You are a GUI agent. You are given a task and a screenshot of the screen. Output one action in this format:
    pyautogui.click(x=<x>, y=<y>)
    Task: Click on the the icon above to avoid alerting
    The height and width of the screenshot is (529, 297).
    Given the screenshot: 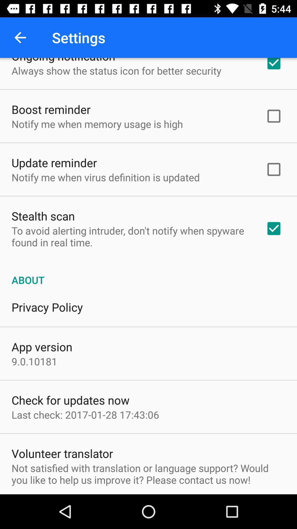 What is the action you would take?
    pyautogui.click(x=43, y=215)
    